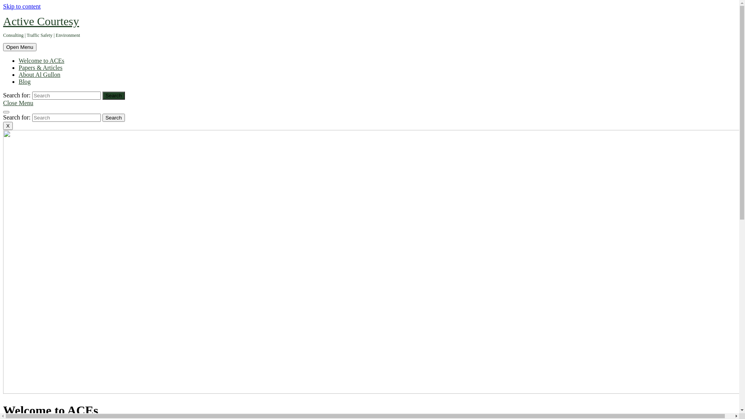 This screenshot has width=745, height=419. What do you see at coordinates (113, 118) in the screenshot?
I see `'Search'` at bounding box center [113, 118].